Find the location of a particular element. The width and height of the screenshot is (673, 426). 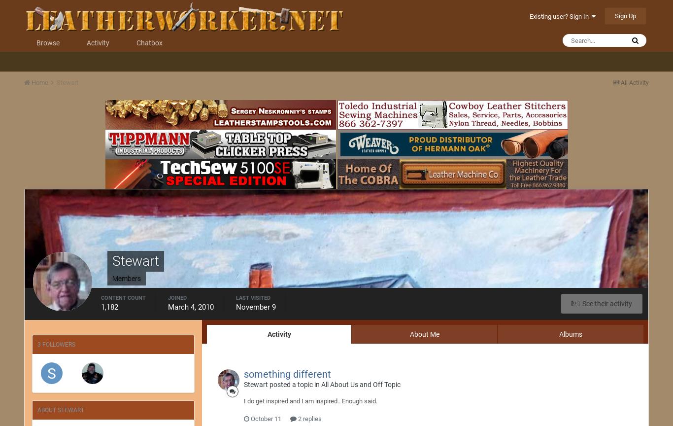

'Existing user? Sign In' is located at coordinates (560, 16).